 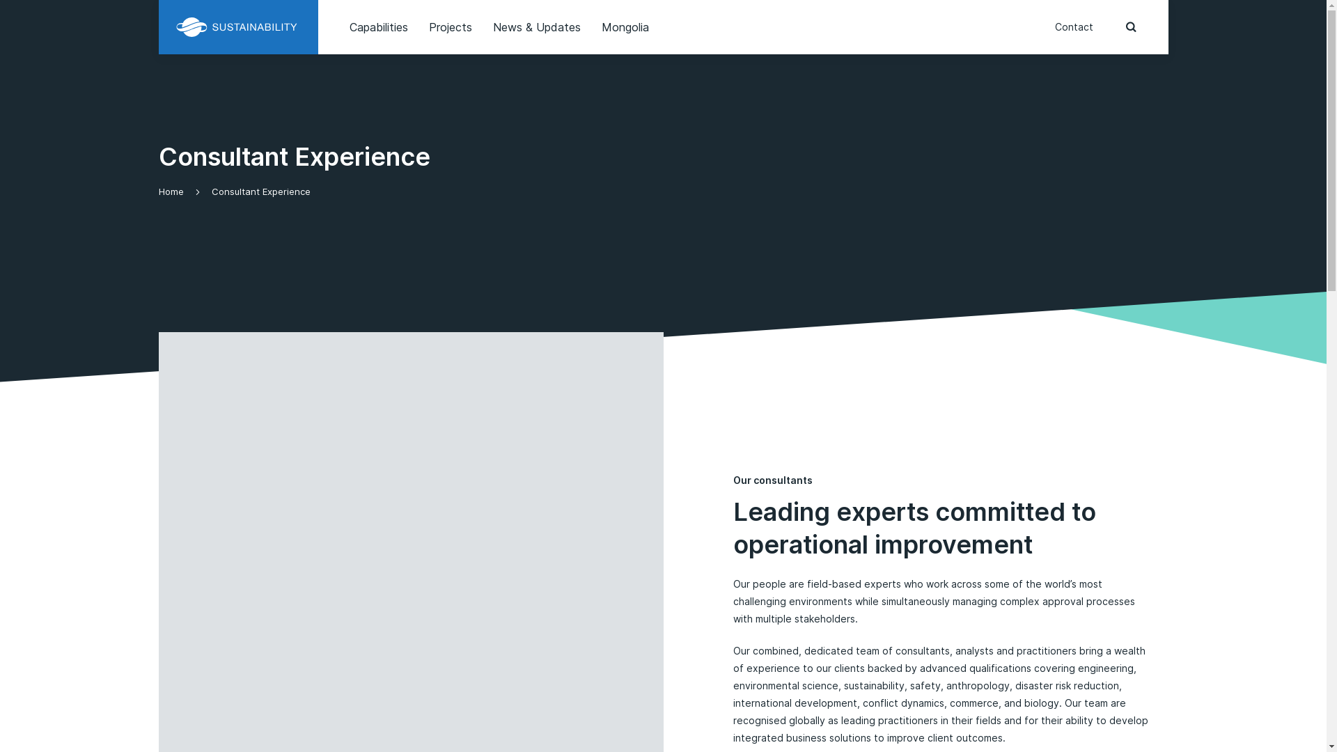 What do you see at coordinates (536, 27) in the screenshot?
I see `'News & Updates'` at bounding box center [536, 27].